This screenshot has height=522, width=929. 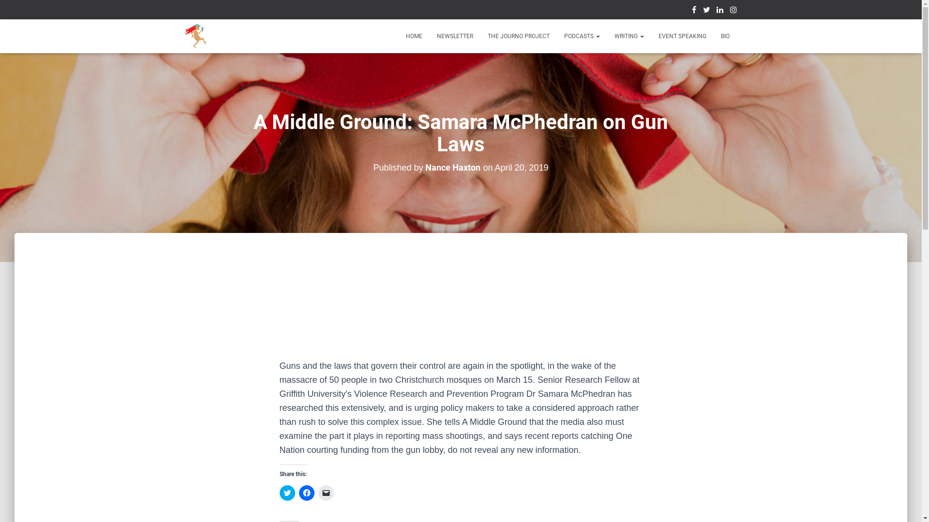 I want to click on 'BIO', so click(x=724, y=35).